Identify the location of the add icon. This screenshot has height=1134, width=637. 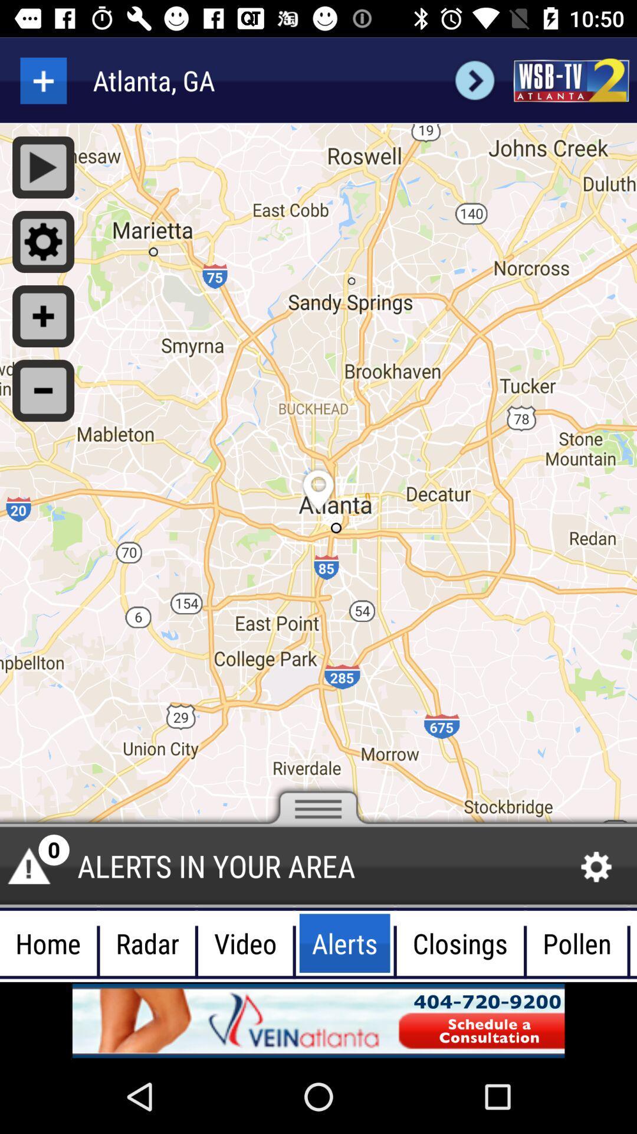
(42, 80).